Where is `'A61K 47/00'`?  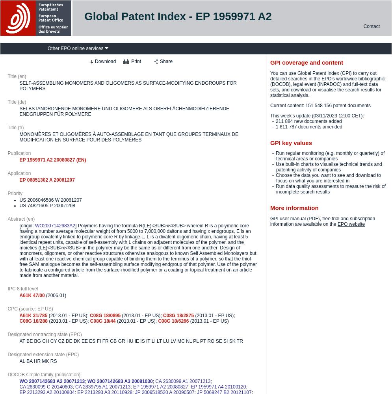 'A61K 47/00' is located at coordinates (19, 295).